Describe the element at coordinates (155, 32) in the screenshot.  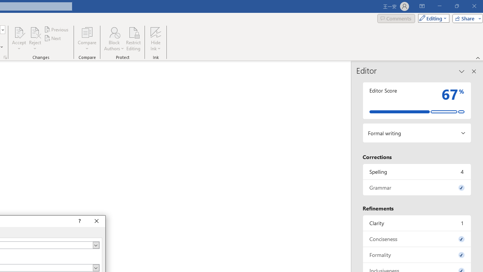
I see `'Hide Ink'` at that location.